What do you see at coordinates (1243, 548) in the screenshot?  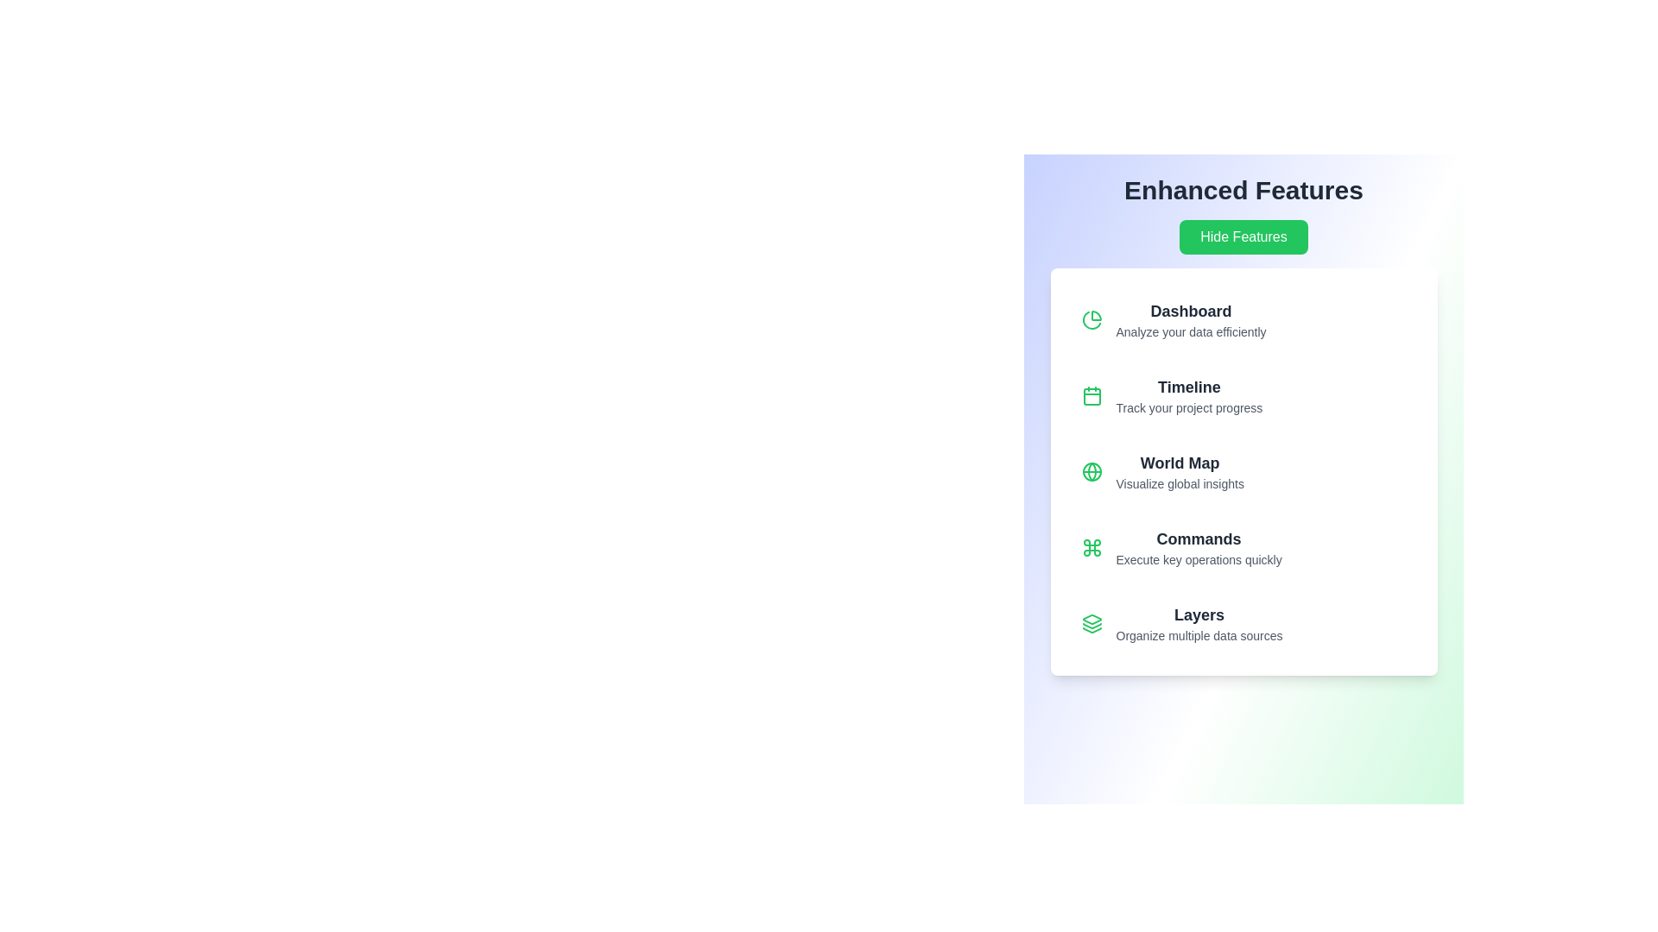 I see `the menu item labeled Commands` at bounding box center [1243, 548].